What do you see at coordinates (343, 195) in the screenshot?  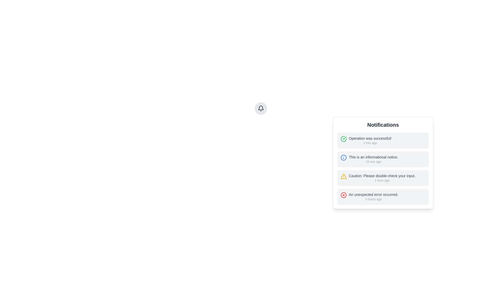 I see `the SVG Circle Element that serves as a decorative or structural component within the cross mark icon, positioned at the center of the cross's bounding box` at bounding box center [343, 195].